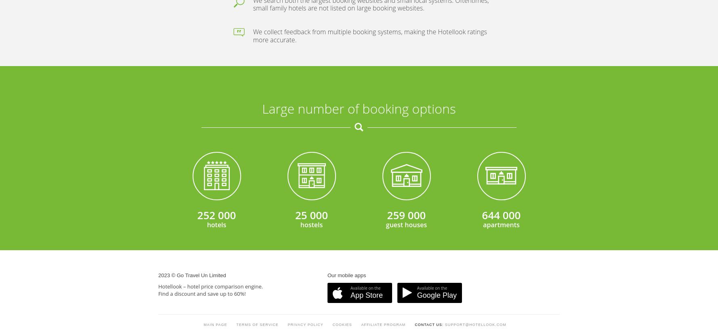 The image size is (718, 334). Describe the element at coordinates (257, 128) in the screenshot. I see `'Terms of Service'` at that location.